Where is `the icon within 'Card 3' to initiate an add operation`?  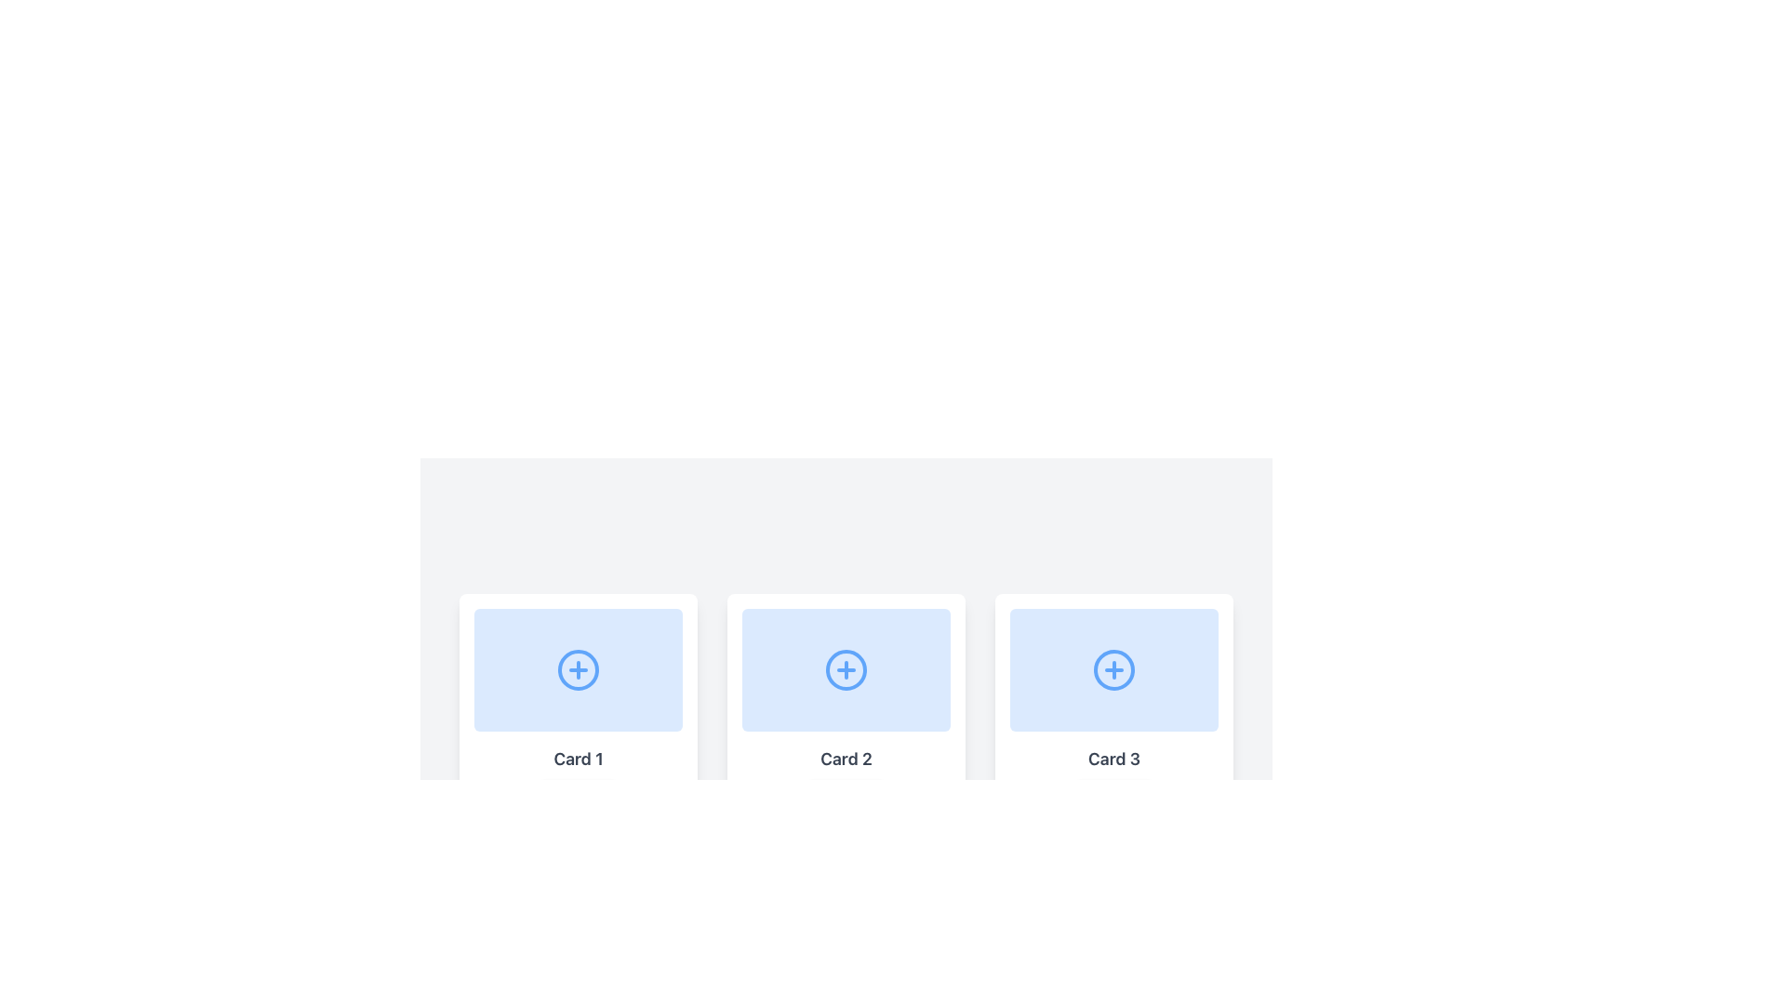 the icon within 'Card 3' to initiate an add operation is located at coordinates (1114, 670).